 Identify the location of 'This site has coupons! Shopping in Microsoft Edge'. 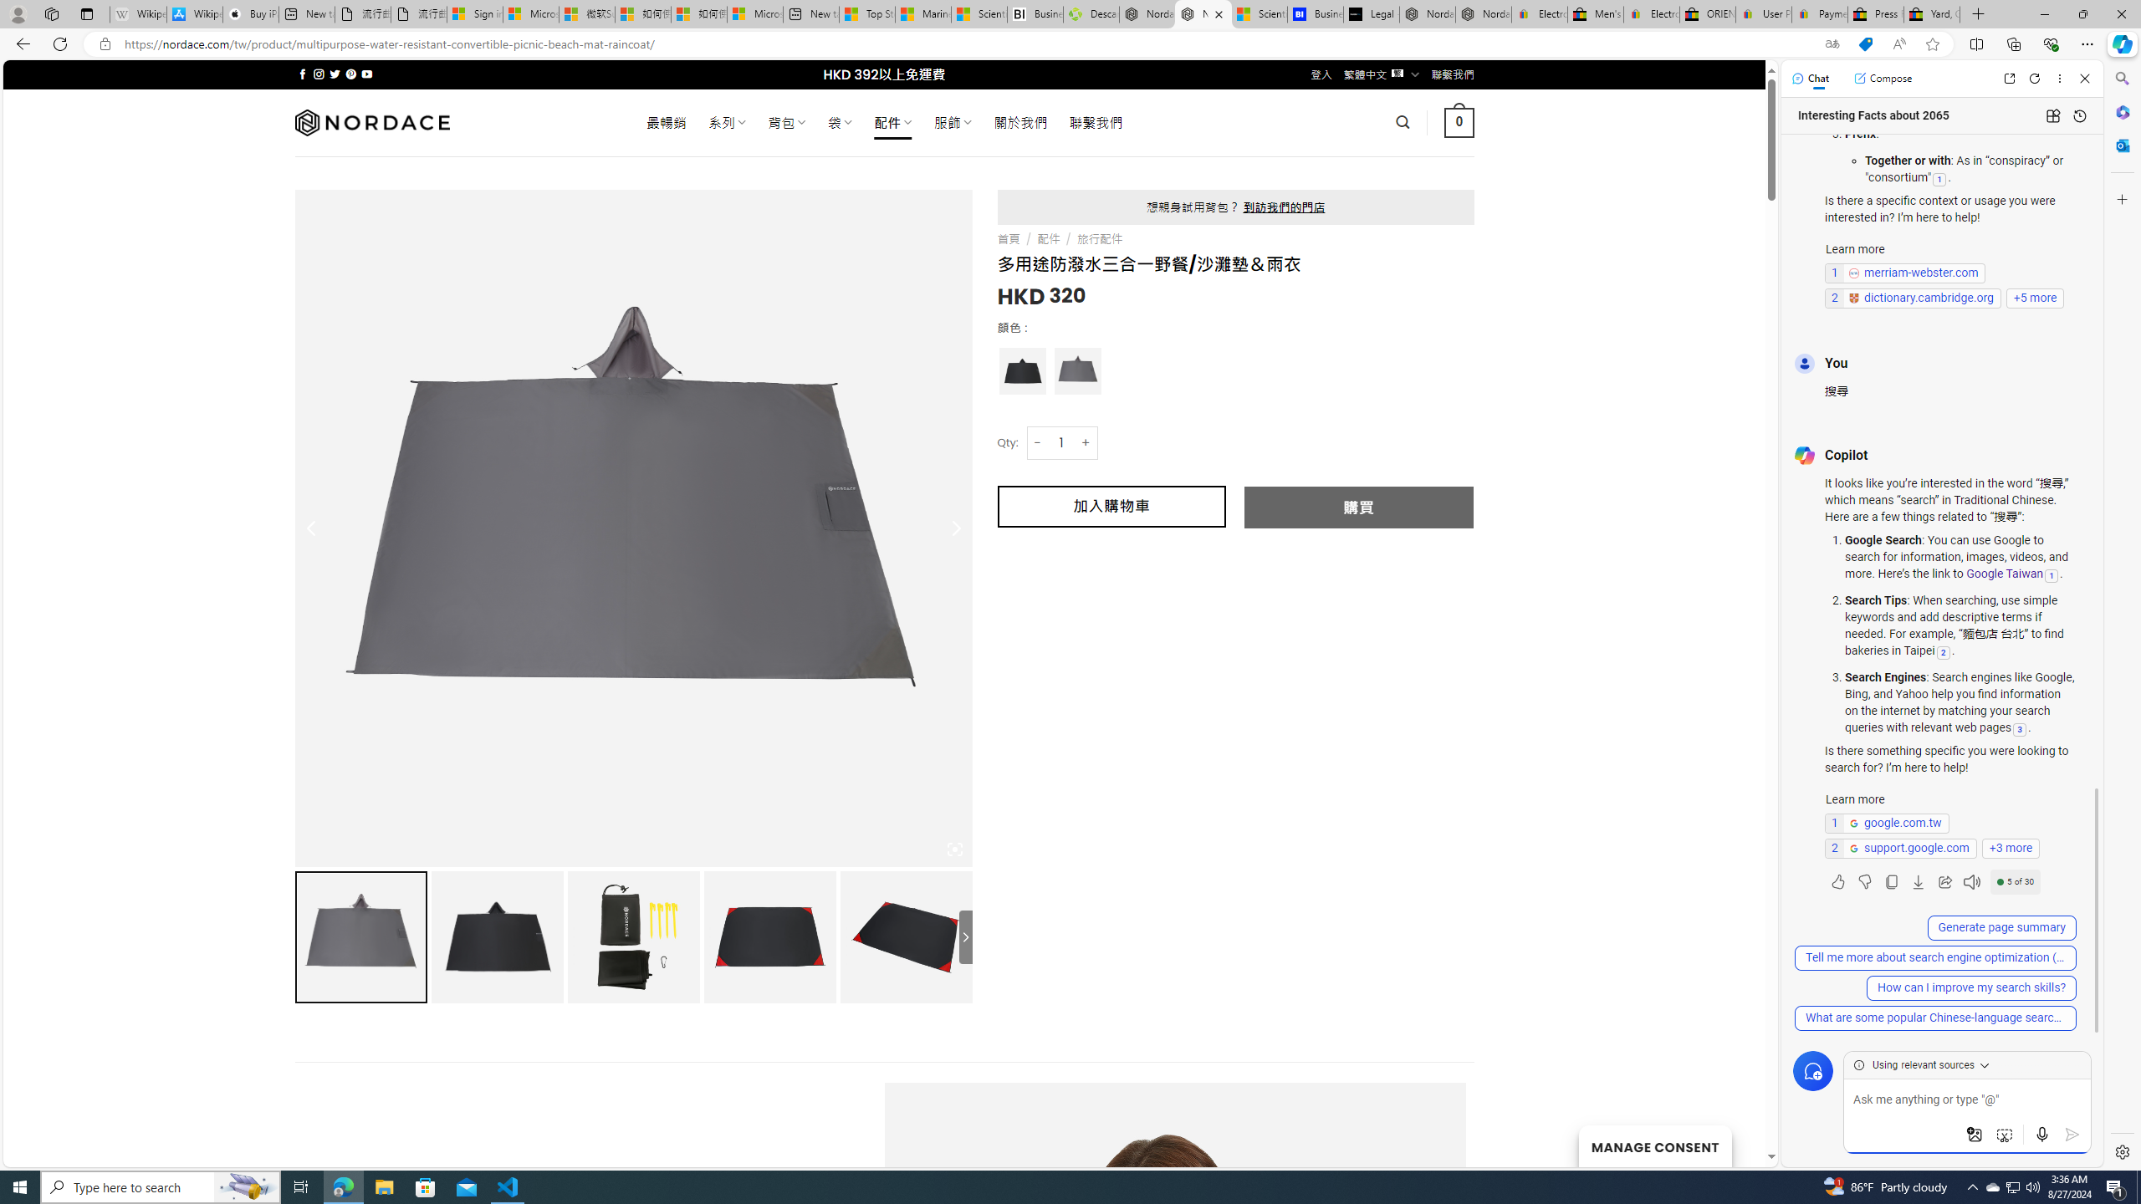
(1865, 44).